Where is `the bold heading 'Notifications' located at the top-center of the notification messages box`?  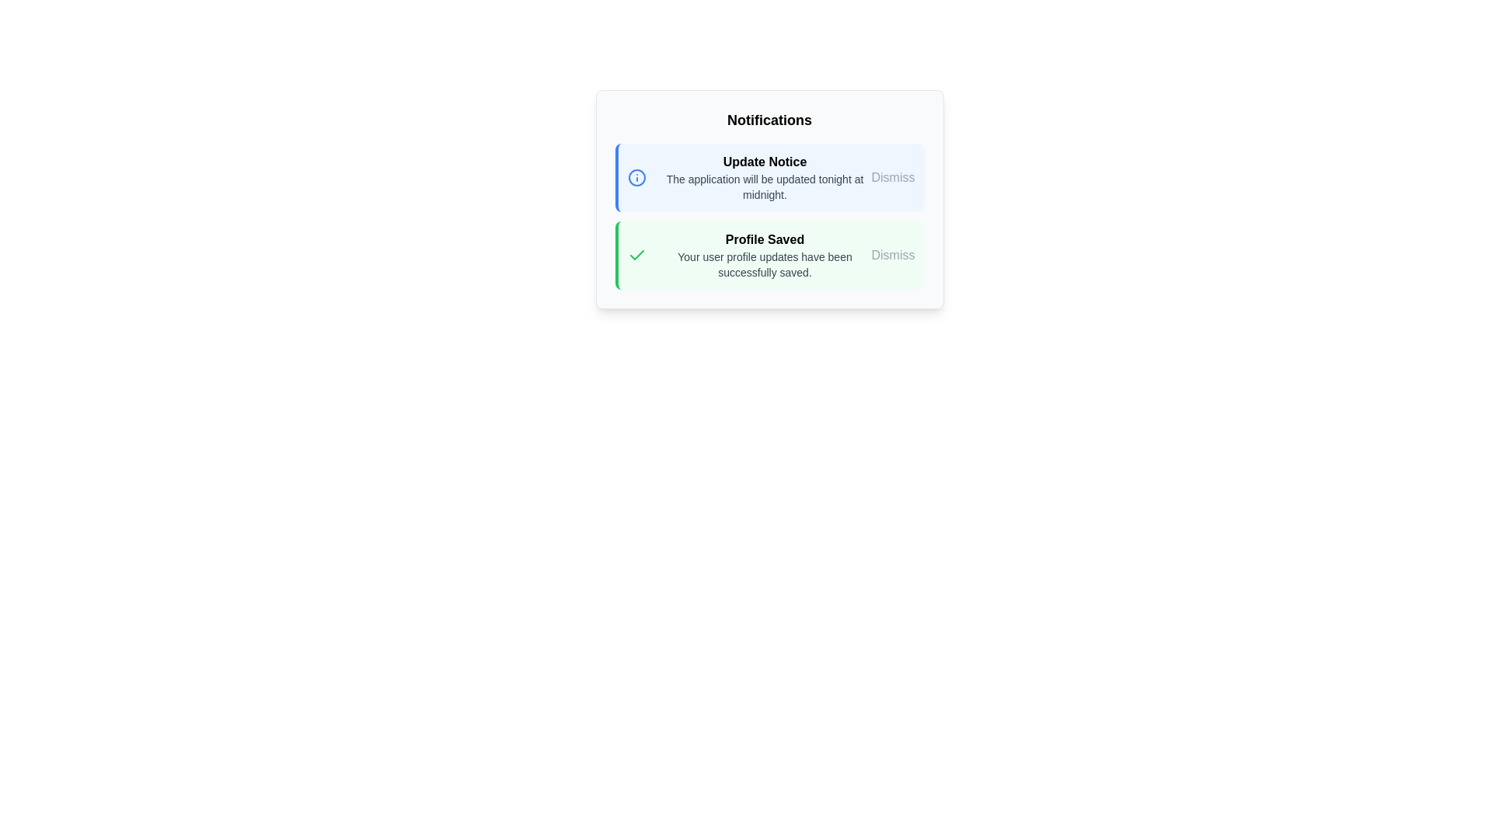 the bold heading 'Notifications' located at the top-center of the notification messages box is located at coordinates (769, 119).